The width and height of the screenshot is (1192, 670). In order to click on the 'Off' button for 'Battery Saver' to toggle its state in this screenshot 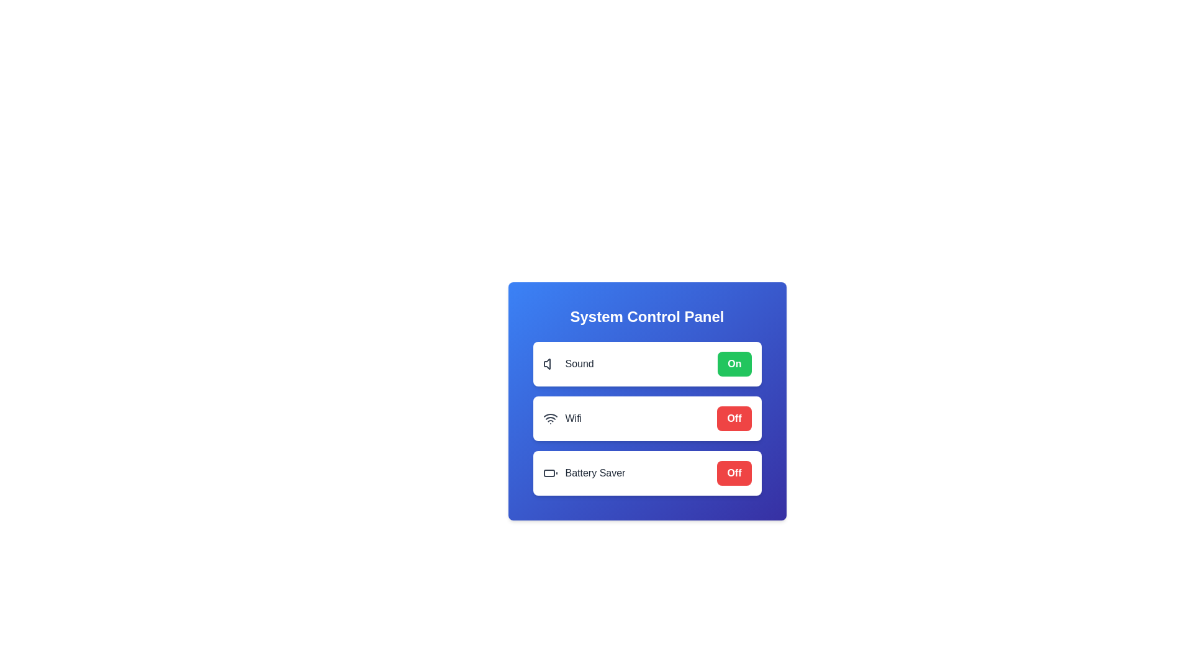, I will do `click(734, 473)`.